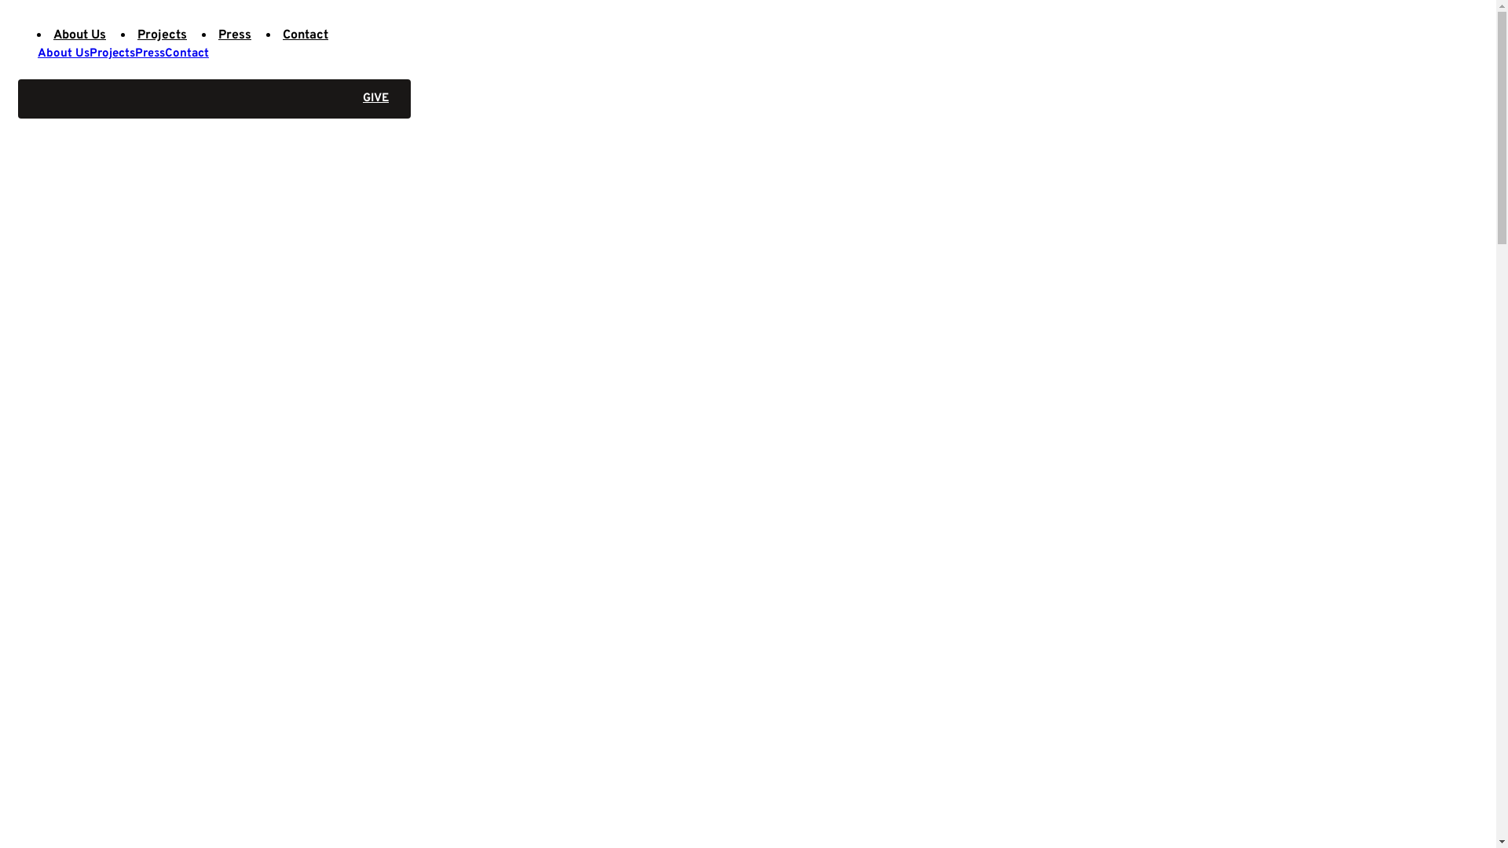  Describe the element at coordinates (112, 53) in the screenshot. I see `'Projects'` at that location.